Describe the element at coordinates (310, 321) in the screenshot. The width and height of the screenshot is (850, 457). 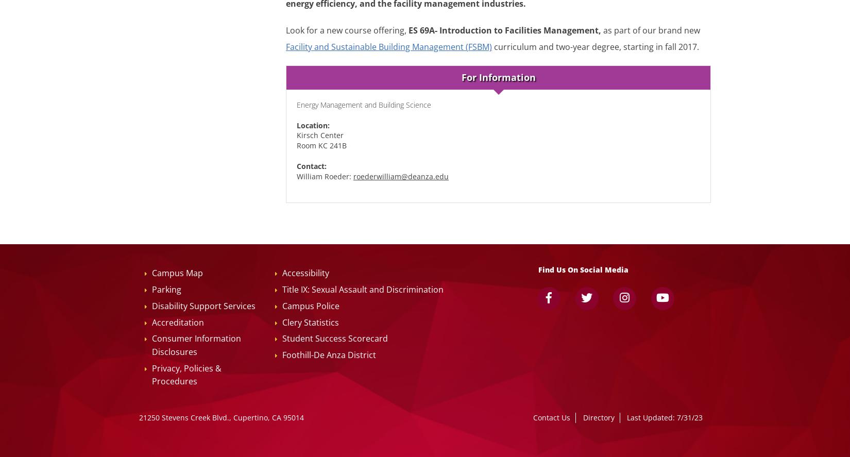
I see `'Clery Statistics'` at that location.